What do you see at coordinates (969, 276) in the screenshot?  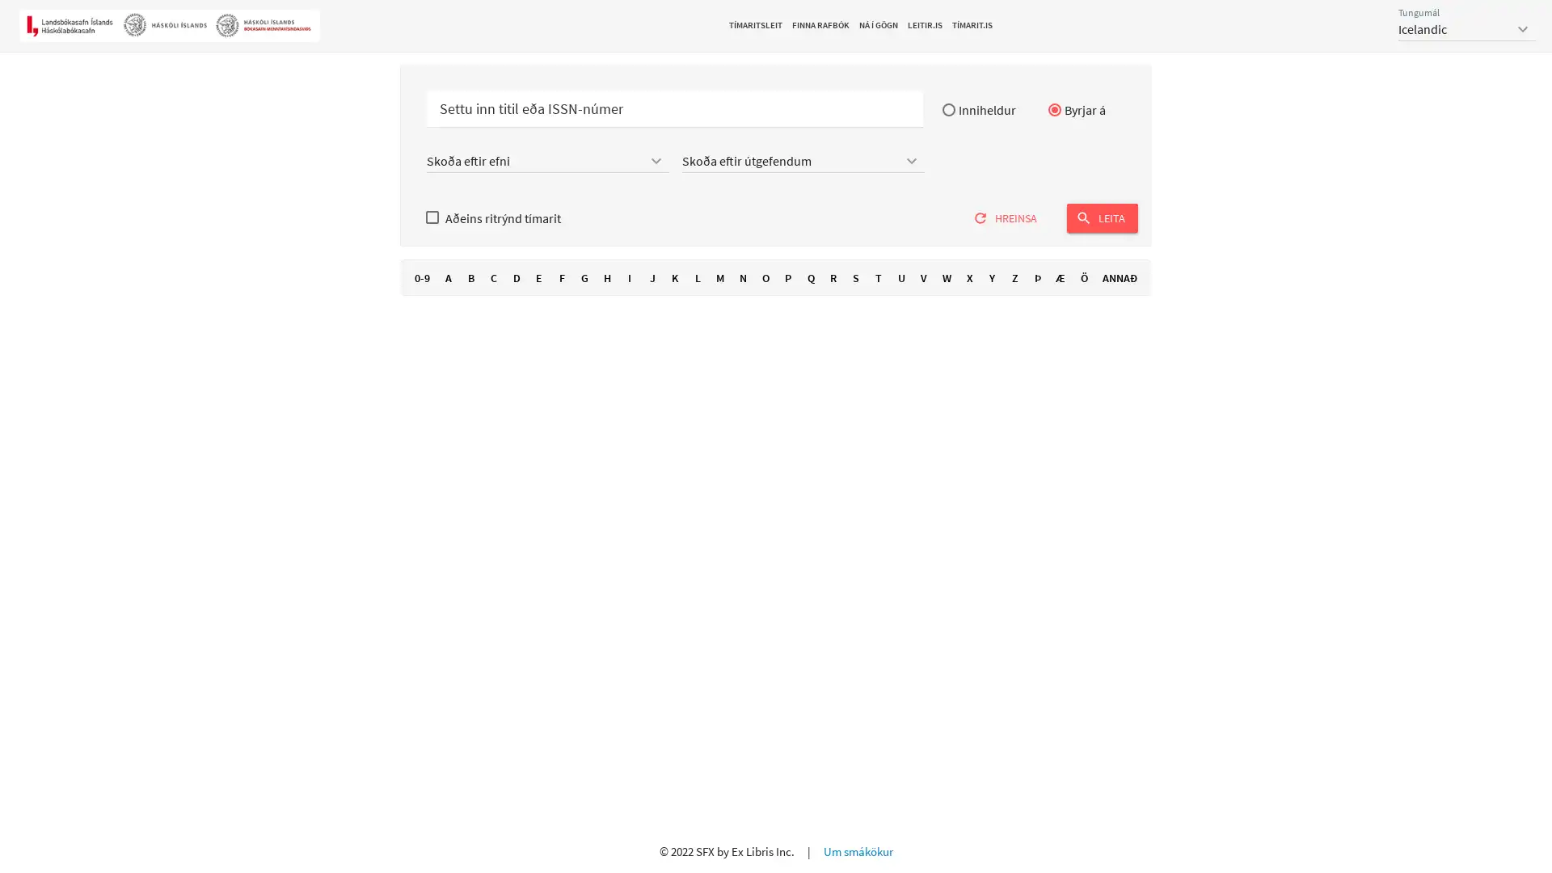 I see `X` at bounding box center [969, 276].